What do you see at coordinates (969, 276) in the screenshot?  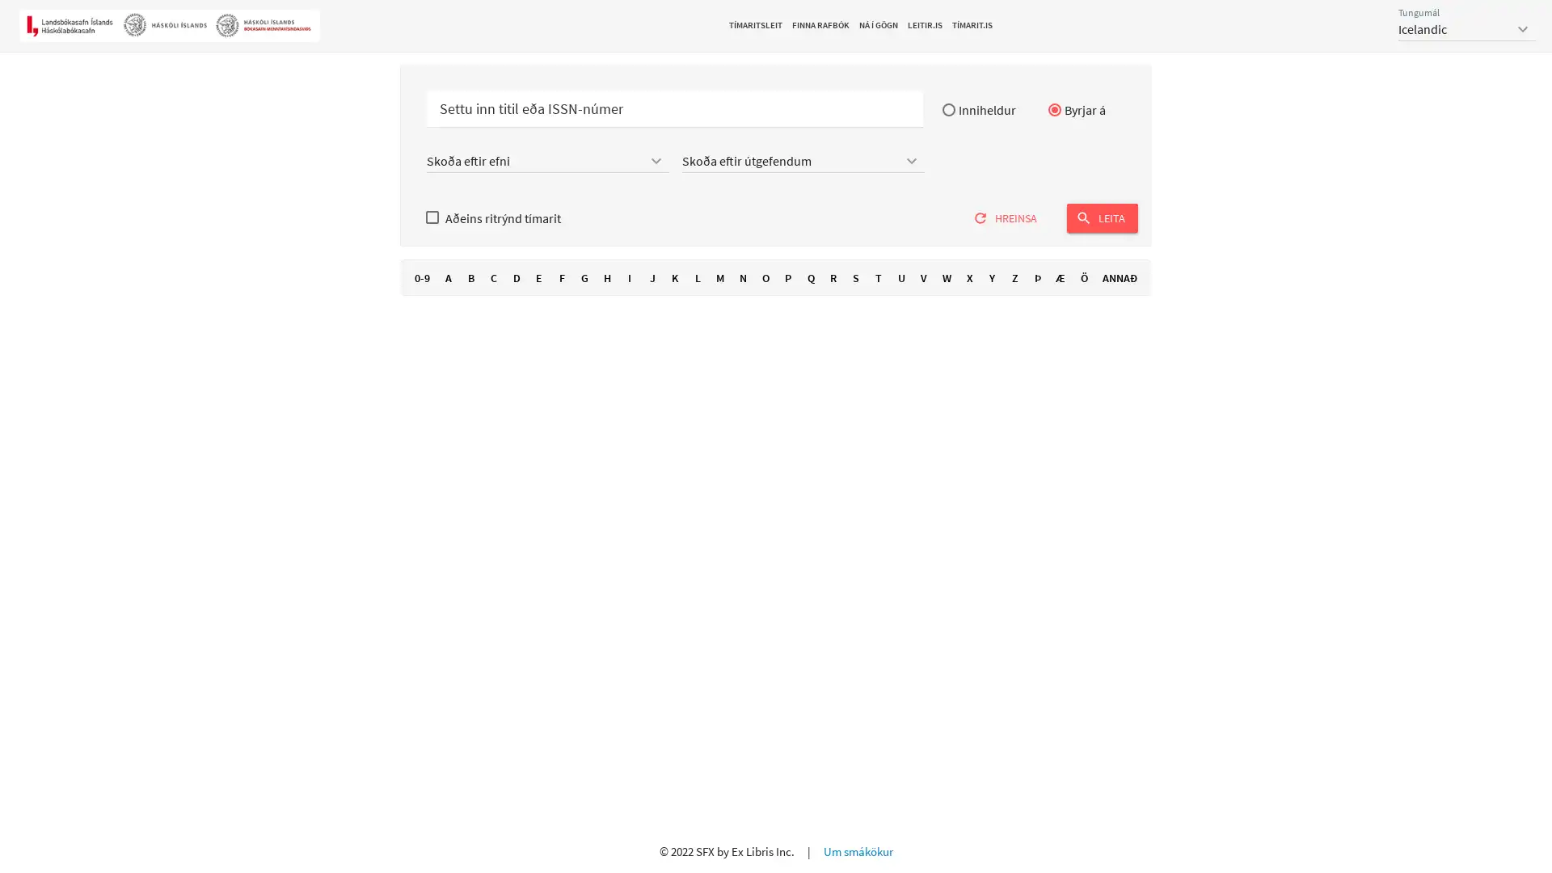 I see `X` at bounding box center [969, 276].